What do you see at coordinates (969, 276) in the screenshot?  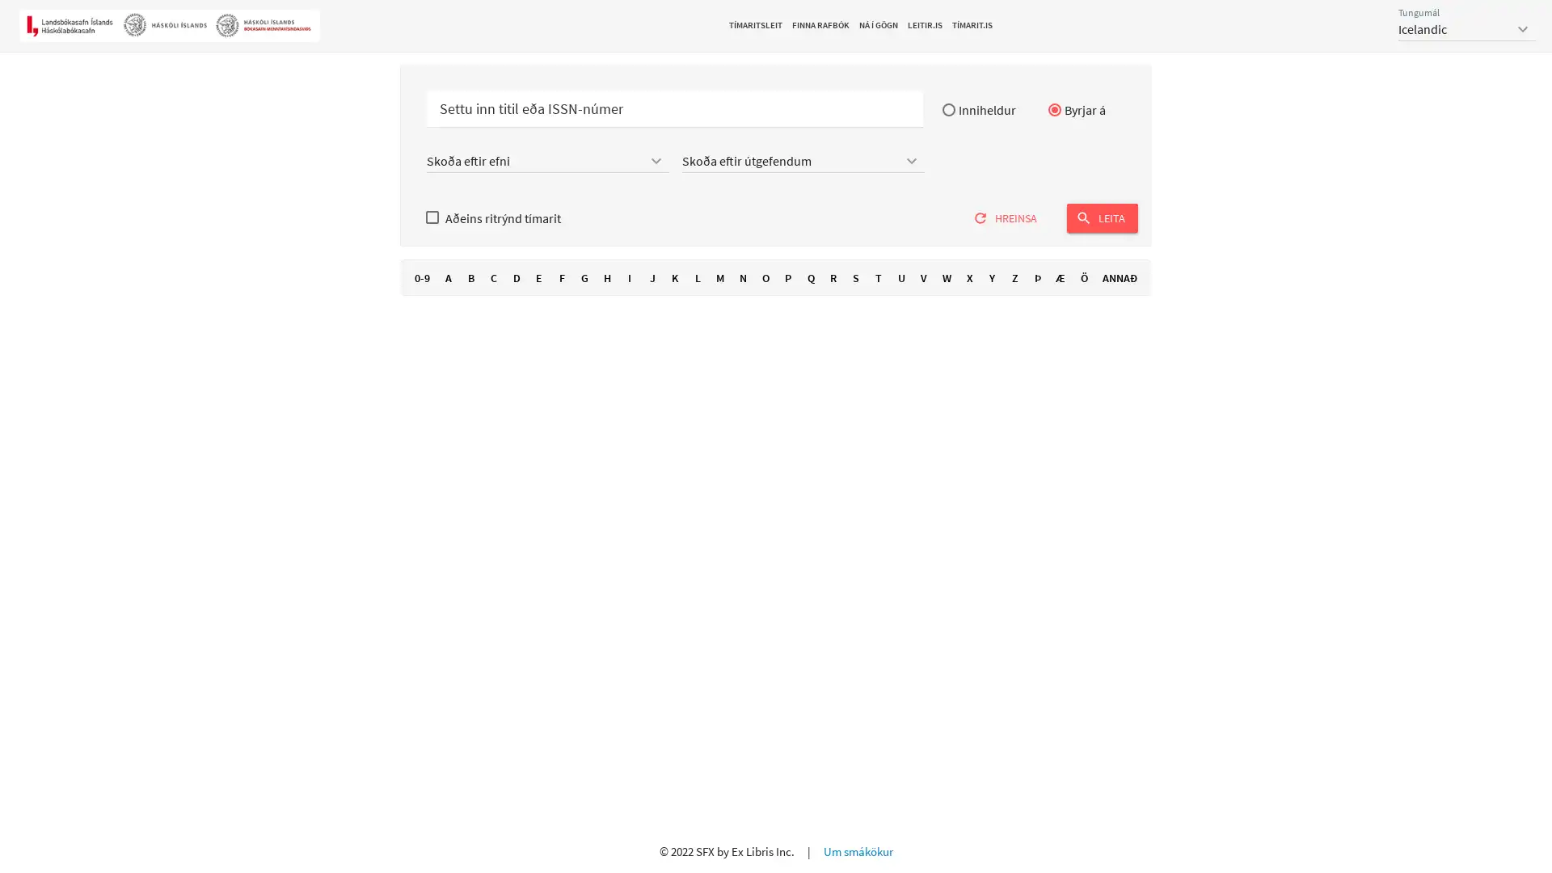 I see `X` at bounding box center [969, 276].